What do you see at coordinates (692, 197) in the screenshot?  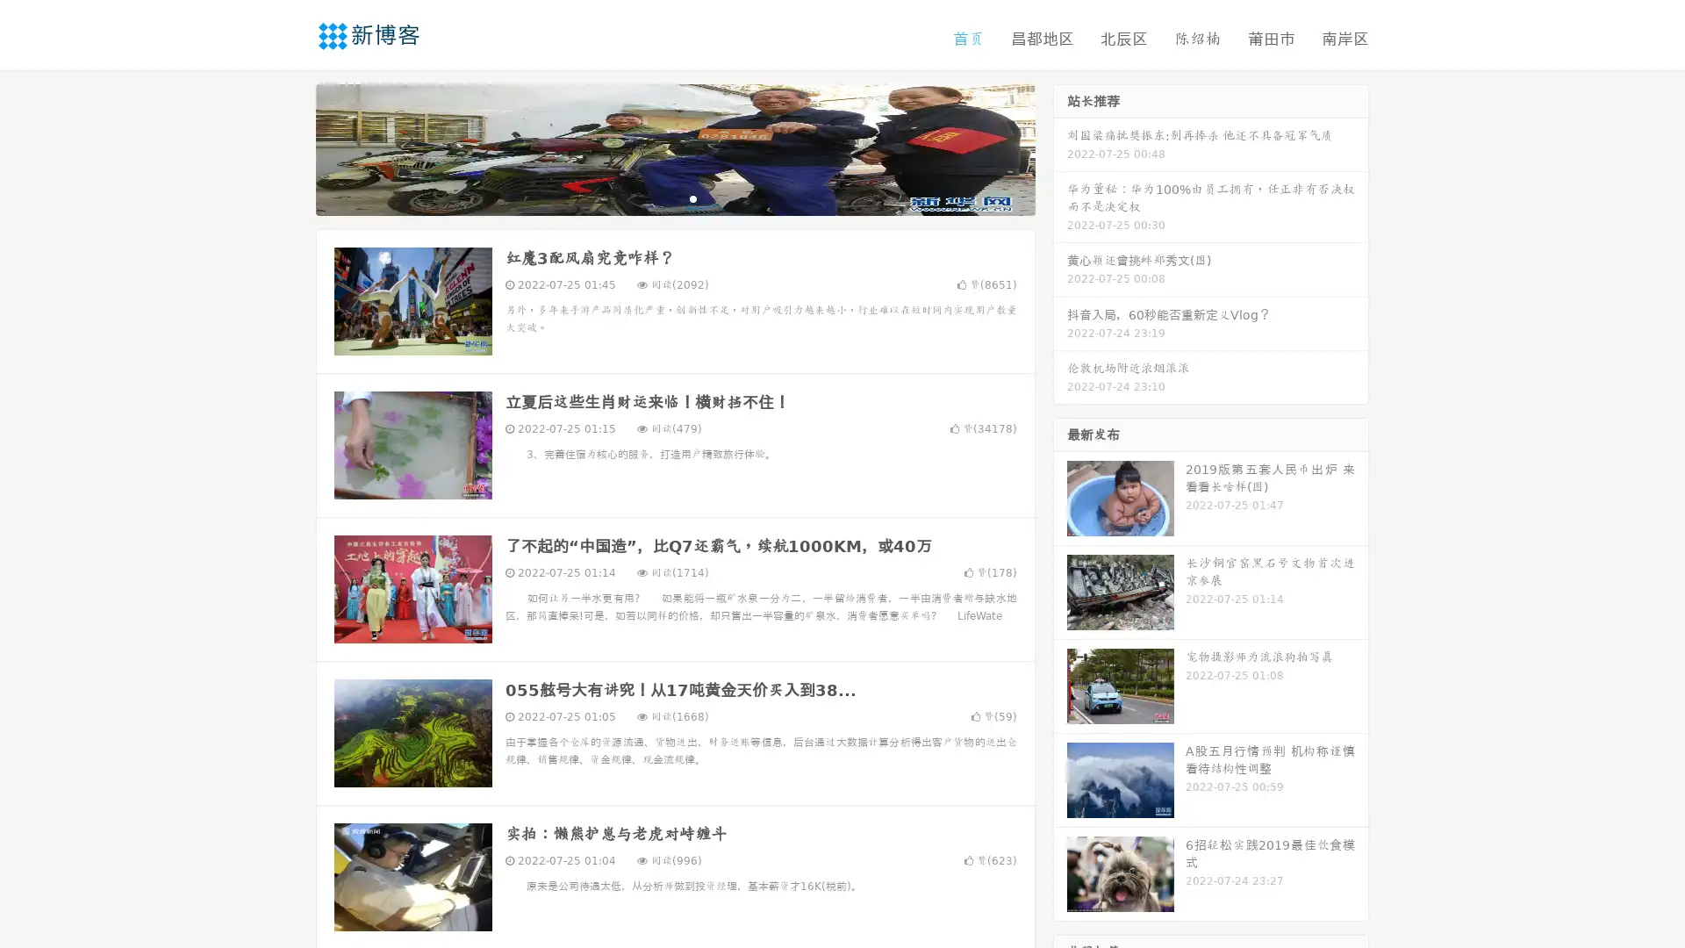 I see `Go to slide 3` at bounding box center [692, 197].